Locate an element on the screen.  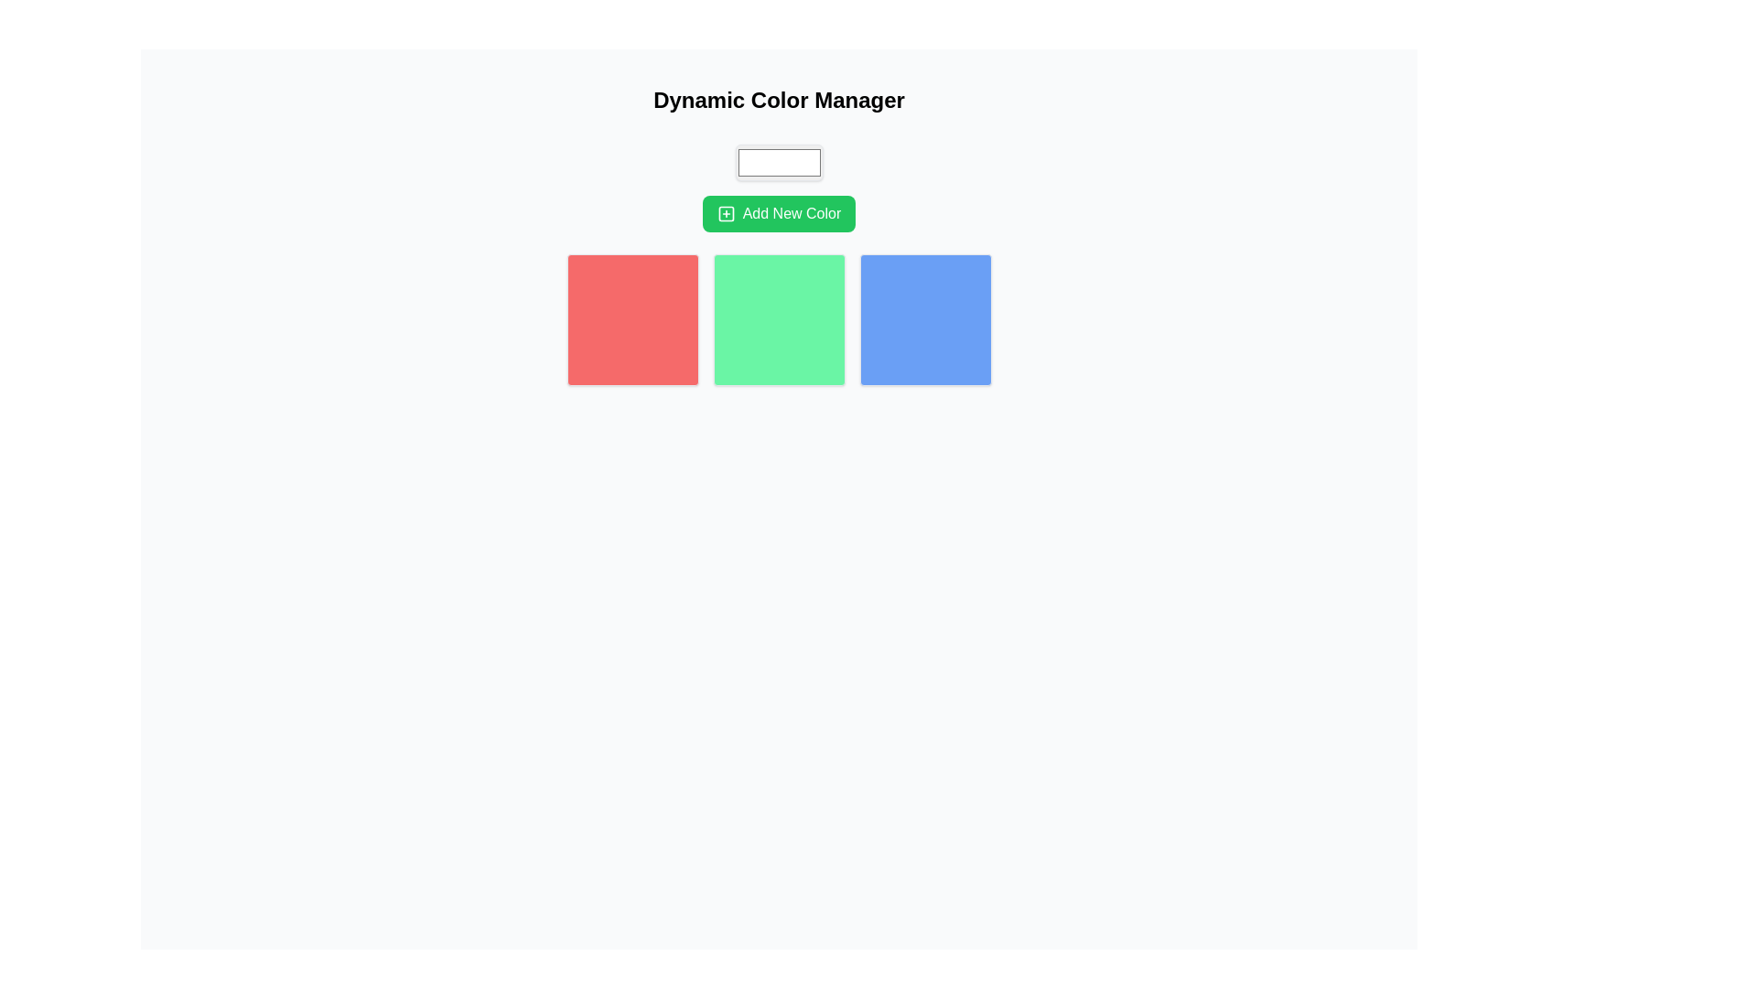
the middle light green square color block in a row of three squares, which is located below the 'Add New Color' button is located at coordinates (779, 319).